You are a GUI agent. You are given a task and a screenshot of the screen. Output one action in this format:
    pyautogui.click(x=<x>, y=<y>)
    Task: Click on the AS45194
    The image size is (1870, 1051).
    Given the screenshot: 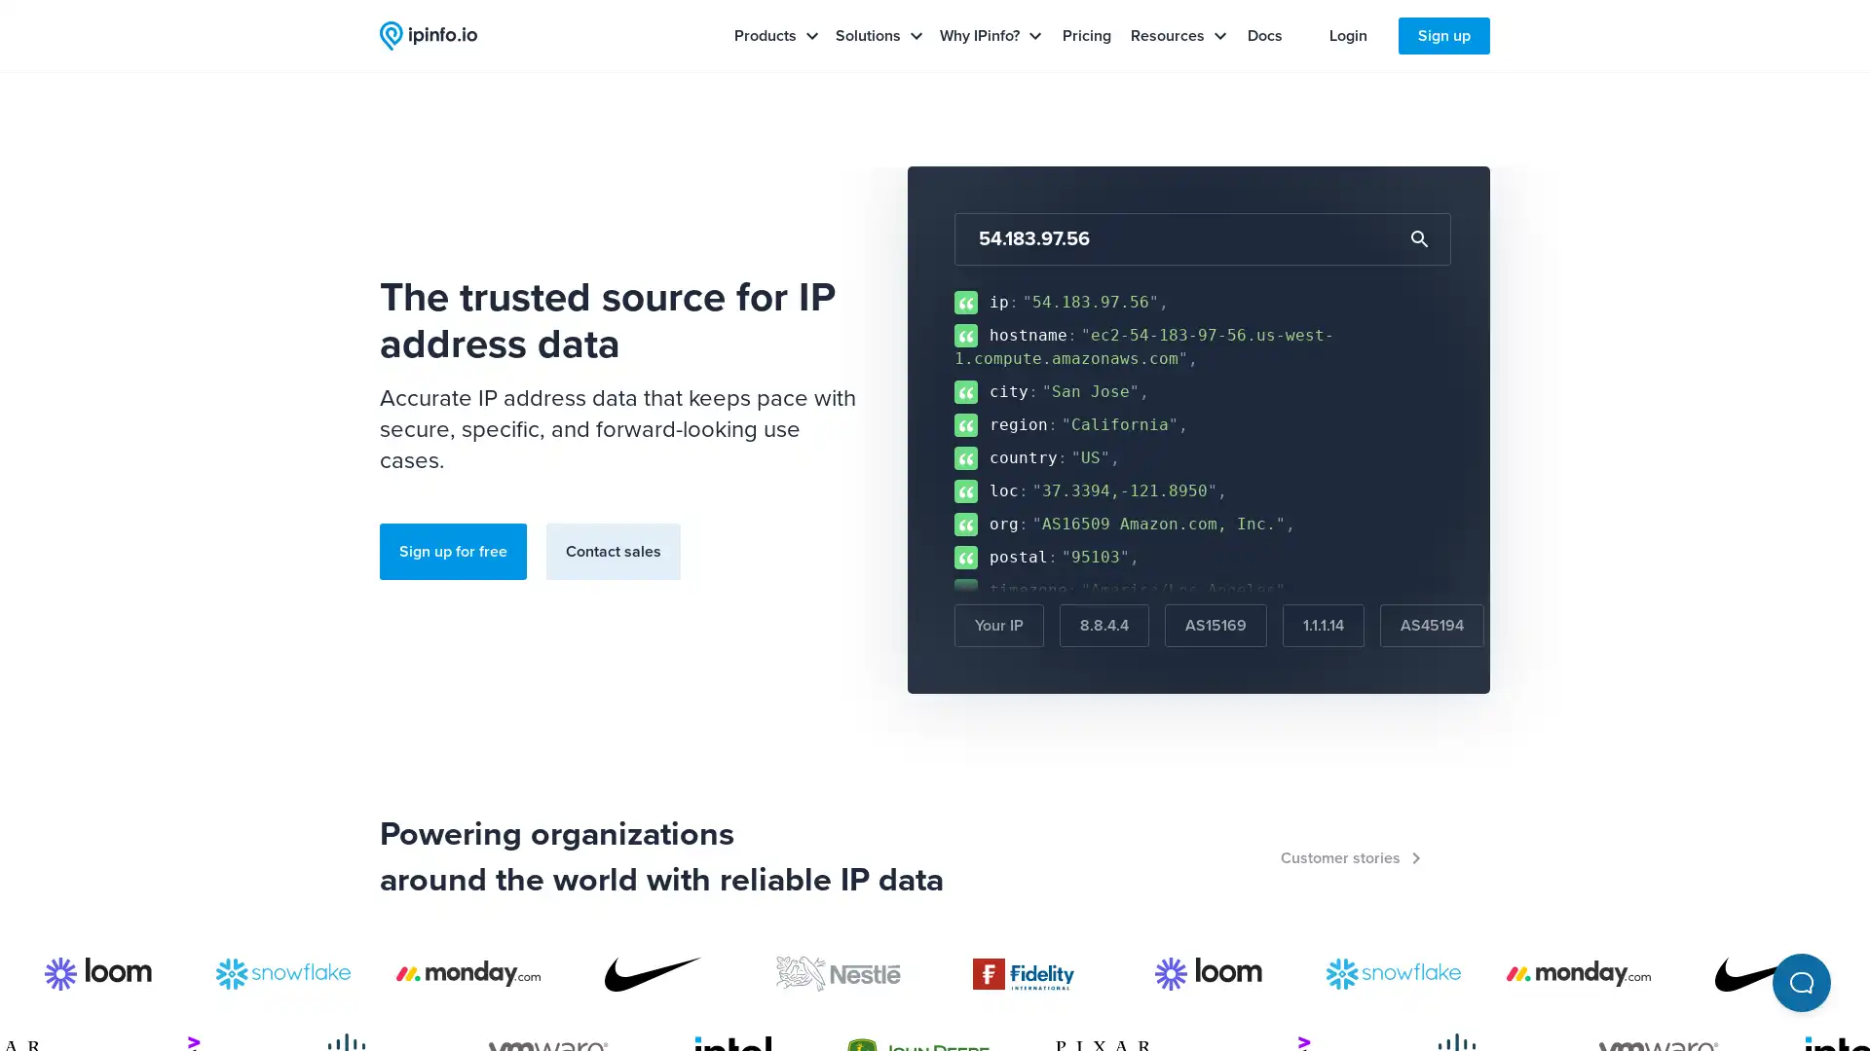 What is the action you would take?
    pyautogui.click(x=1432, y=626)
    